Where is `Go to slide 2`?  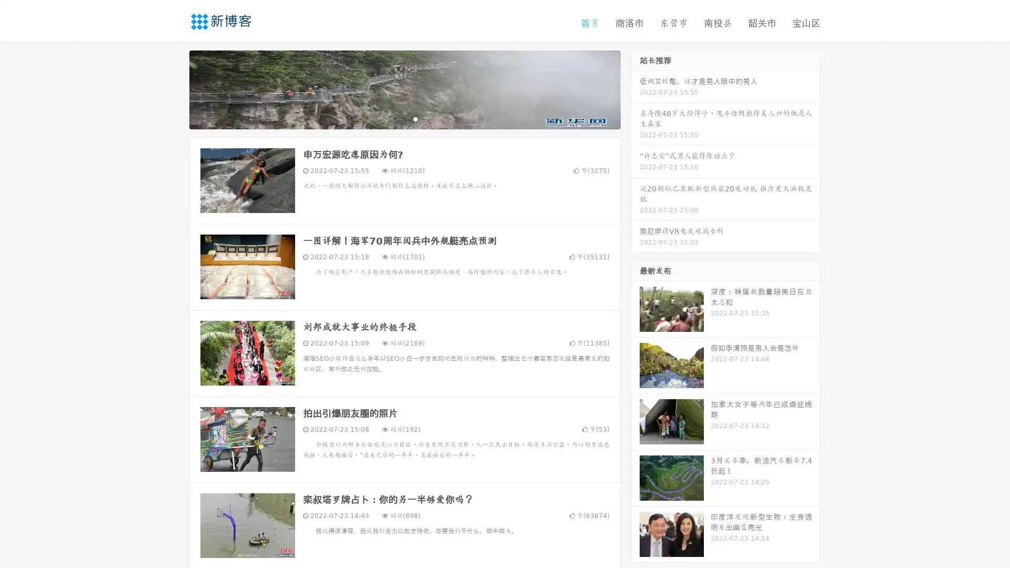
Go to slide 2 is located at coordinates (404, 118).